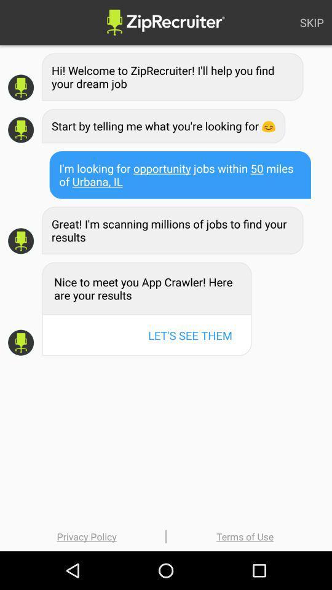 This screenshot has height=590, width=332. Describe the element at coordinates (190, 335) in the screenshot. I see `the let s see item` at that location.